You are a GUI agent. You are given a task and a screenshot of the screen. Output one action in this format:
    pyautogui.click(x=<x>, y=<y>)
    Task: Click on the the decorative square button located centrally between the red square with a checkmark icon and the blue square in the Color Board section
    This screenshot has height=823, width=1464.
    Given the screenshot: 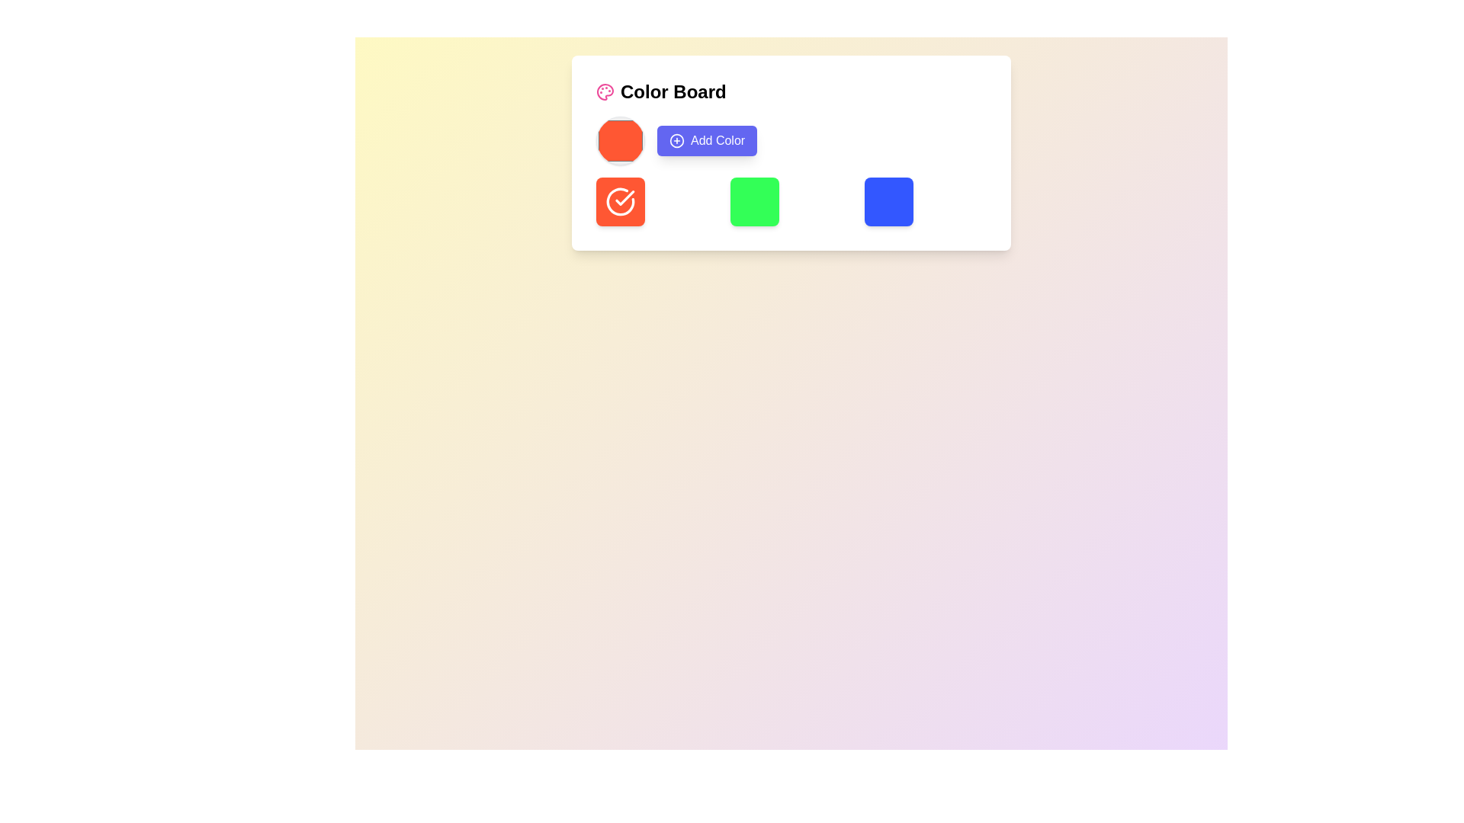 What is the action you would take?
    pyautogui.click(x=754, y=201)
    